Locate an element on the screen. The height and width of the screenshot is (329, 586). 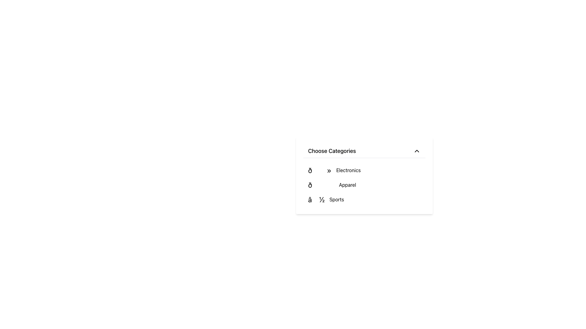
the first option is located at coordinates (334, 170).